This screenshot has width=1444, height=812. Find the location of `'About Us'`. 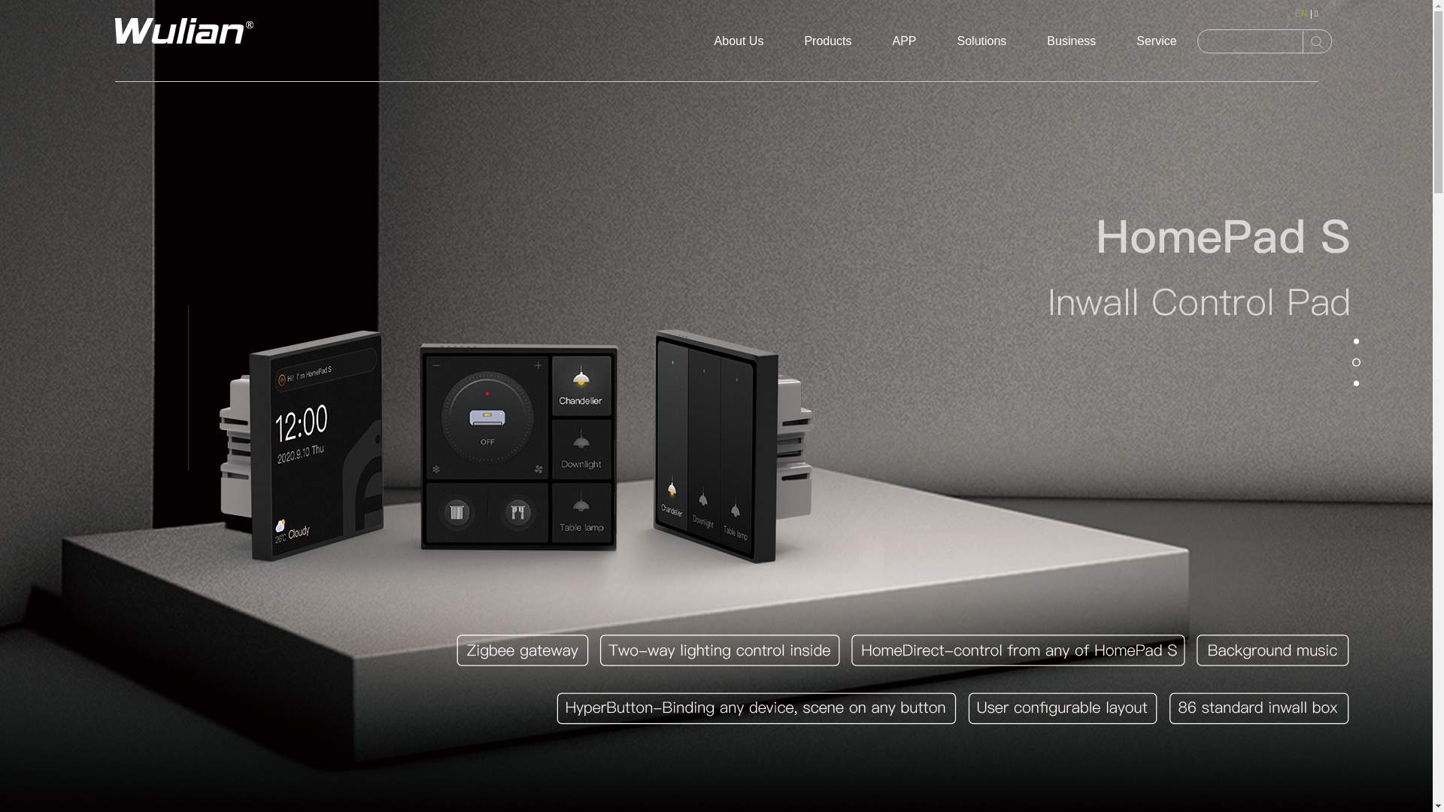

'About Us' is located at coordinates (739, 40).